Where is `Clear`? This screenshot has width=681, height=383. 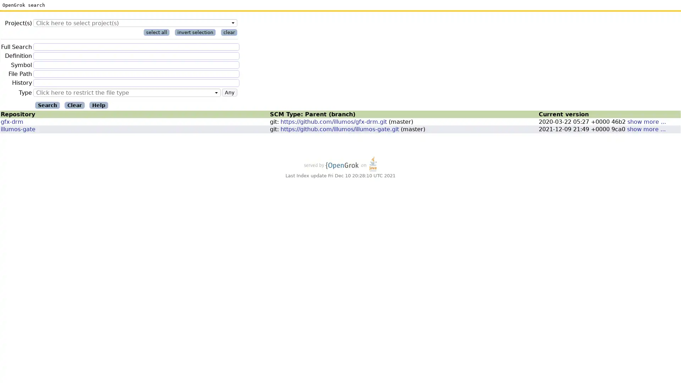 Clear is located at coordinates (74, 105).